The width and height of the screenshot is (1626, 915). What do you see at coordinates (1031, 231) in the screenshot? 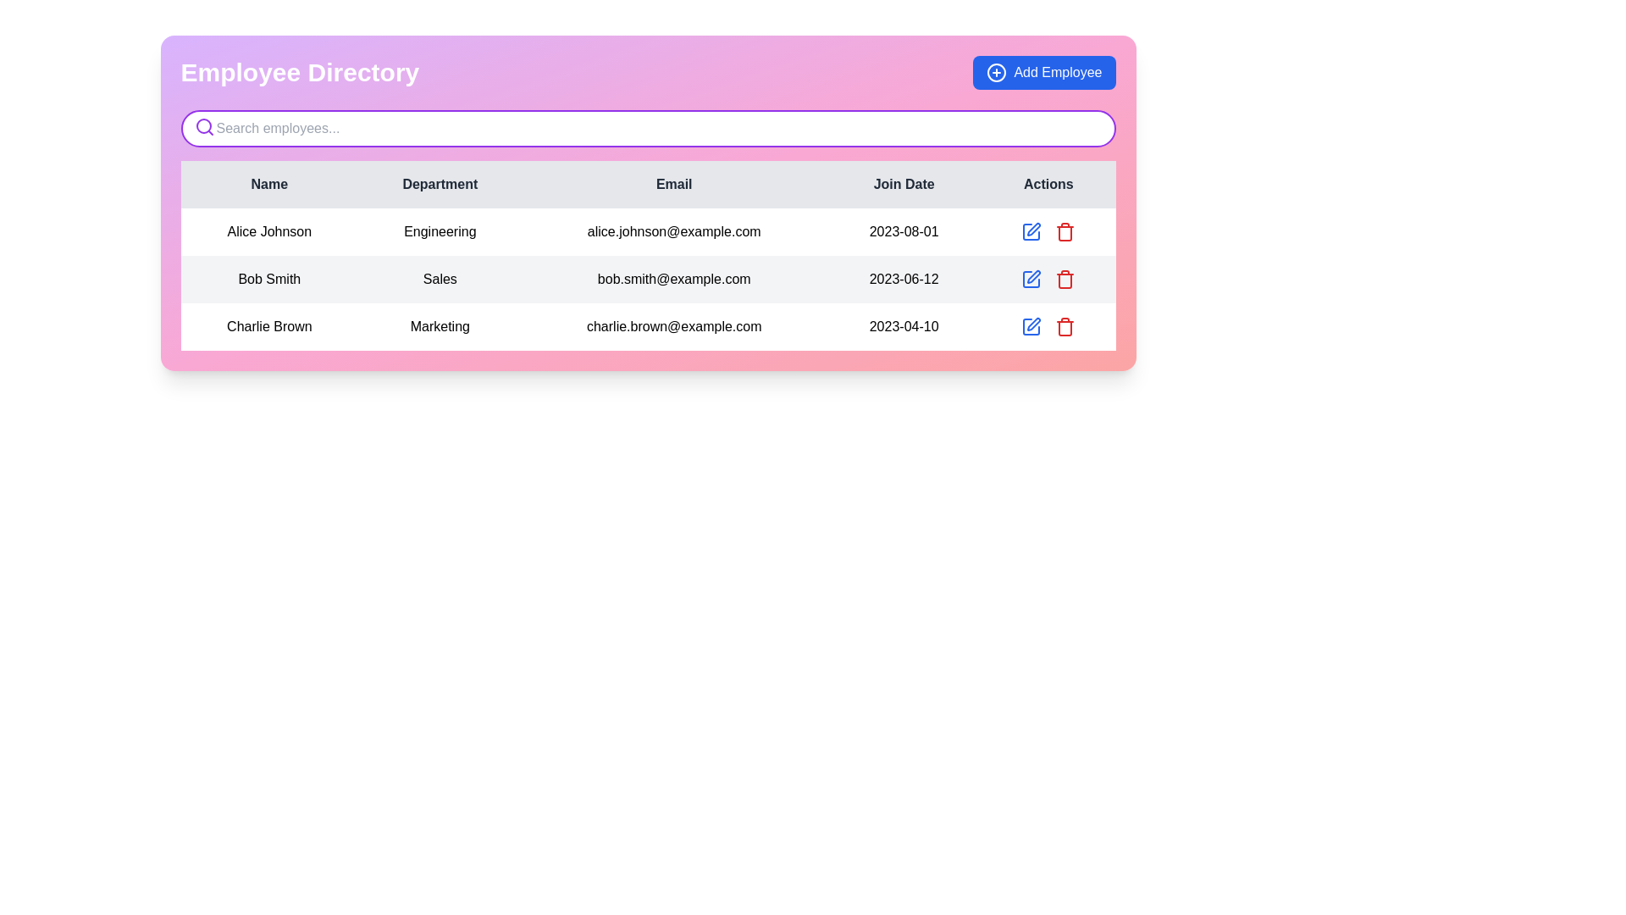
I see `the 'Edit' icon button for the entry of 'Alice Johnson' in the 'Engineering' department located in the first row of the 'Actions' column of the table` at bounding box center [1031, 231].